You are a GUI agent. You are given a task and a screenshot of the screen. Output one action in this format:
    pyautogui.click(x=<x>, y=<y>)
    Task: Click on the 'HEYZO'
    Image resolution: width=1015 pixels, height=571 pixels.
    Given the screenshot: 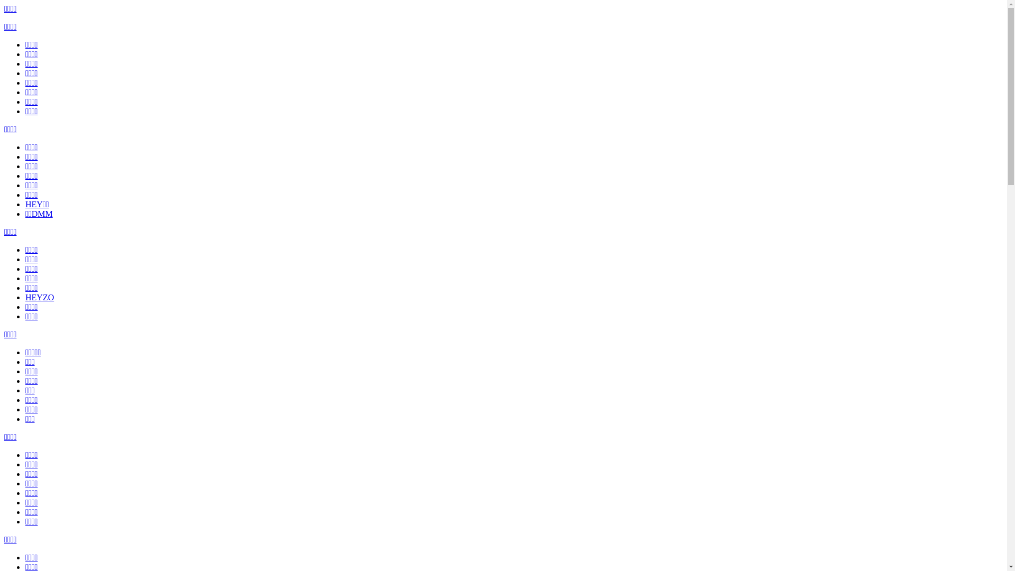 What is the action you would take?
    pyautogui.click(x=25, y=297)
    